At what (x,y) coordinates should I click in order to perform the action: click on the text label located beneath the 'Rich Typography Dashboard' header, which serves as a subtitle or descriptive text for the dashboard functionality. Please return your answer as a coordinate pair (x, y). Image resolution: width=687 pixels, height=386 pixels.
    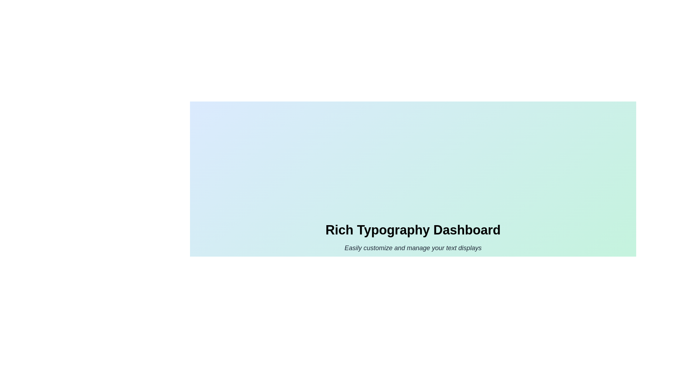
    Looking at the image, I should click on (413, 248).